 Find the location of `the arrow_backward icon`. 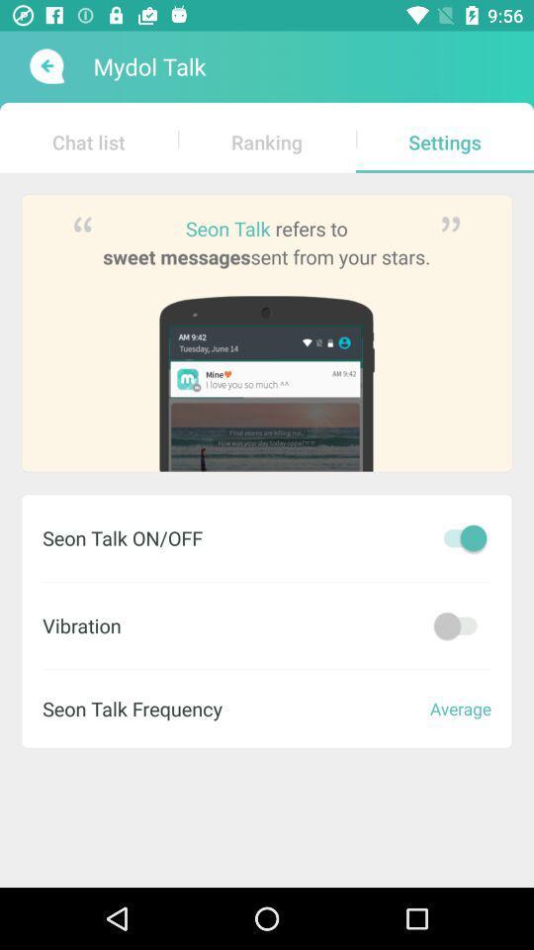

the arrow_backward icon is located at coordinates (44, 66).